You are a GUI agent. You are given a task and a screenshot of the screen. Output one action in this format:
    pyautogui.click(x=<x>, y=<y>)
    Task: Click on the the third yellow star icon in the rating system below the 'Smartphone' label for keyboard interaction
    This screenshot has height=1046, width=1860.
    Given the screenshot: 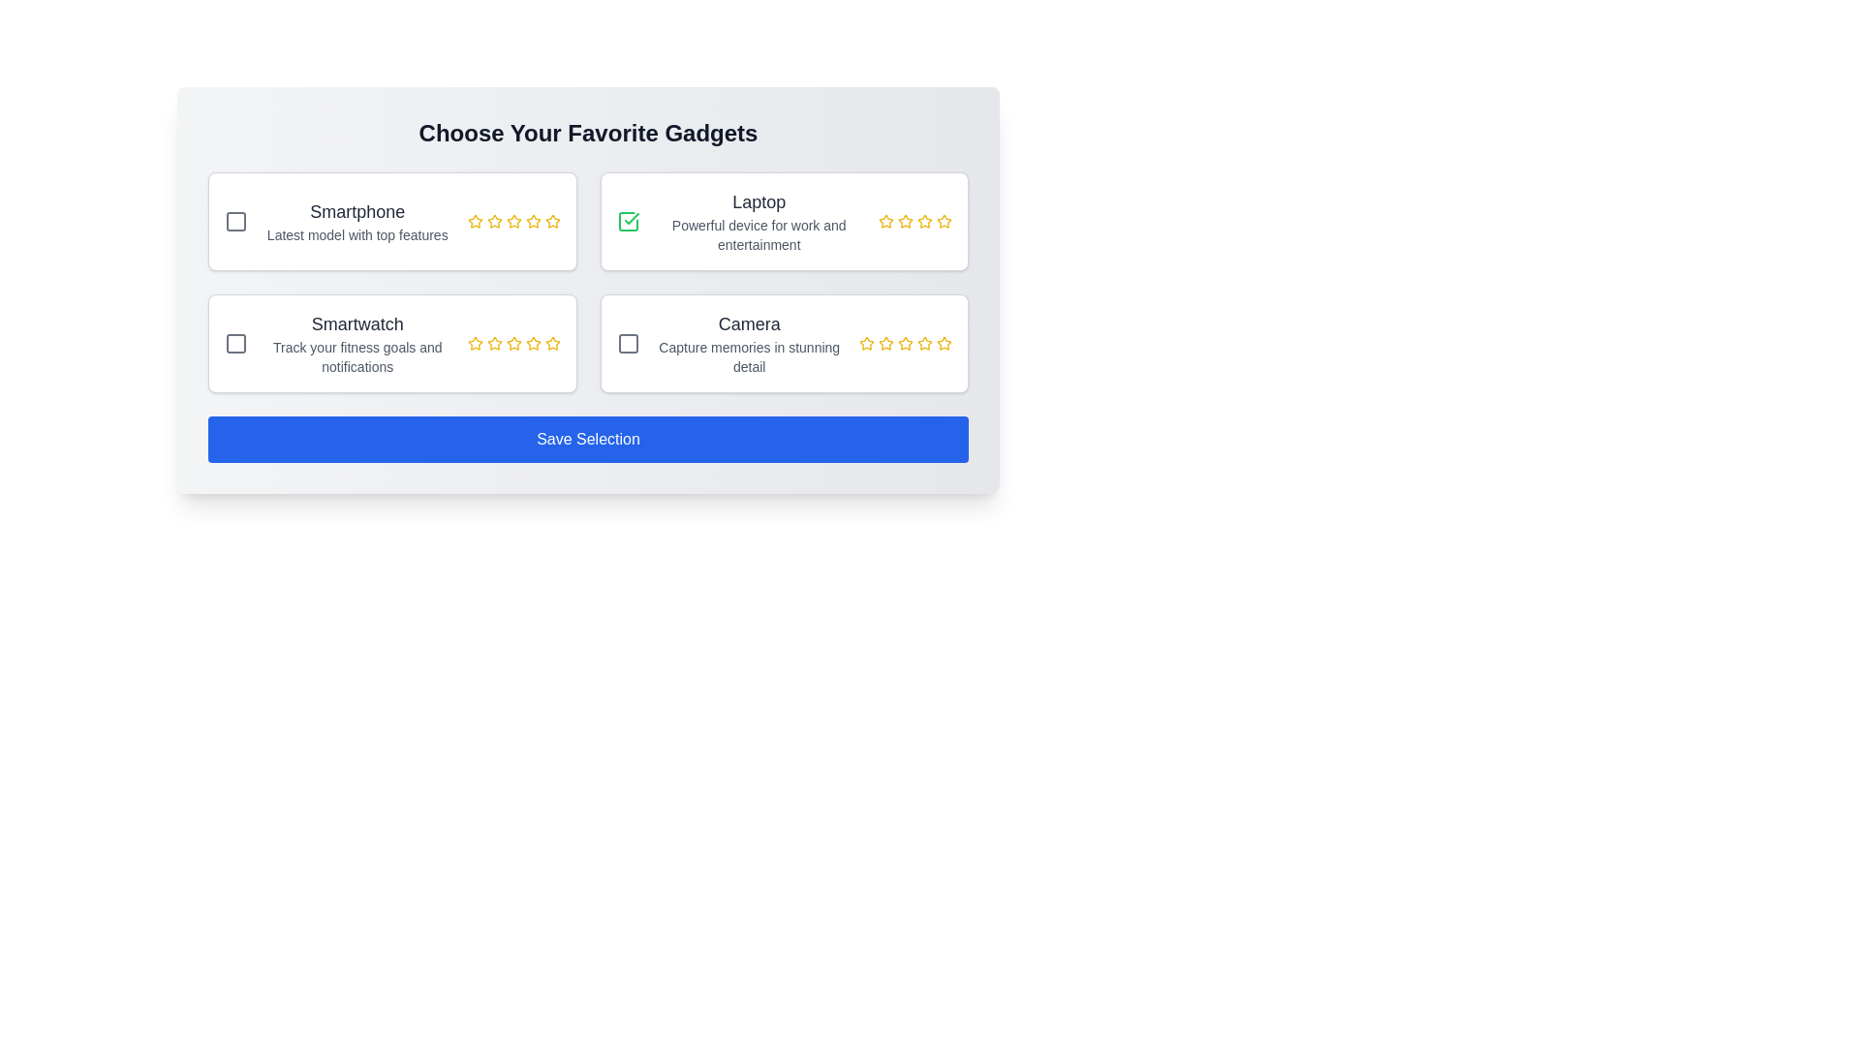 What is the action you would take?
    pyautogui.click(x=533, y=220)
    